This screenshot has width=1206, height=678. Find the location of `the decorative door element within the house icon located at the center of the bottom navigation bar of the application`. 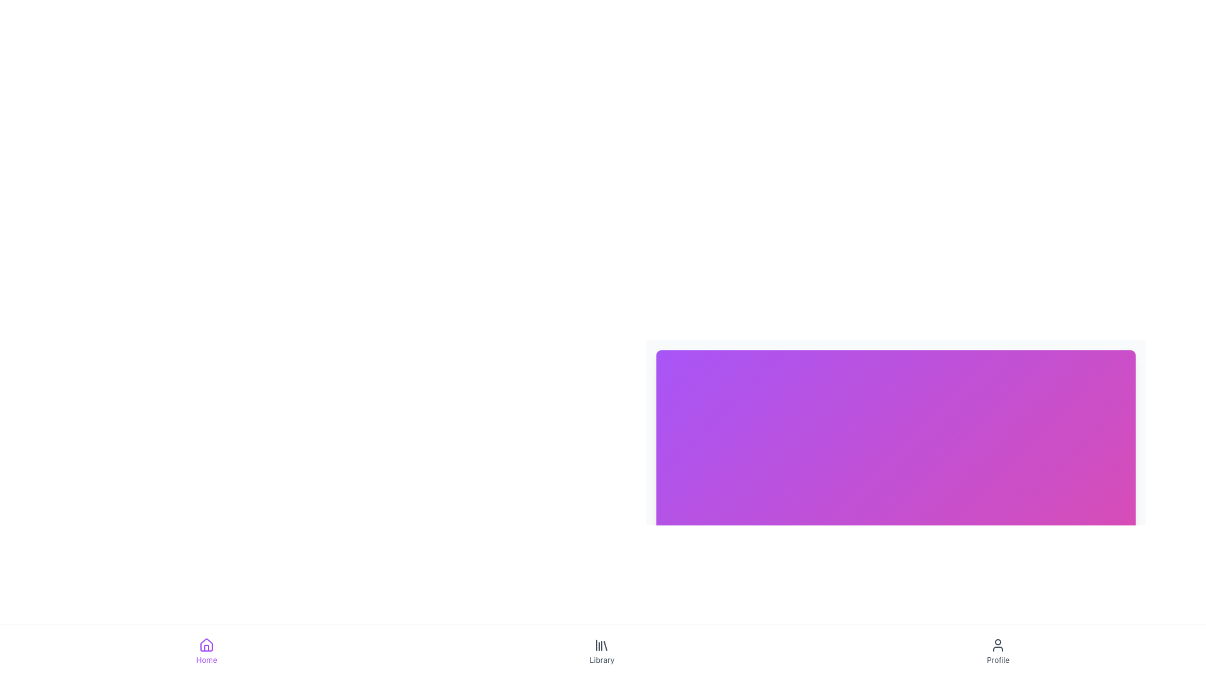

the decorative door element within the house icon located at the center of the bottom navigation bar of the application is located at coordinates (207, 648).